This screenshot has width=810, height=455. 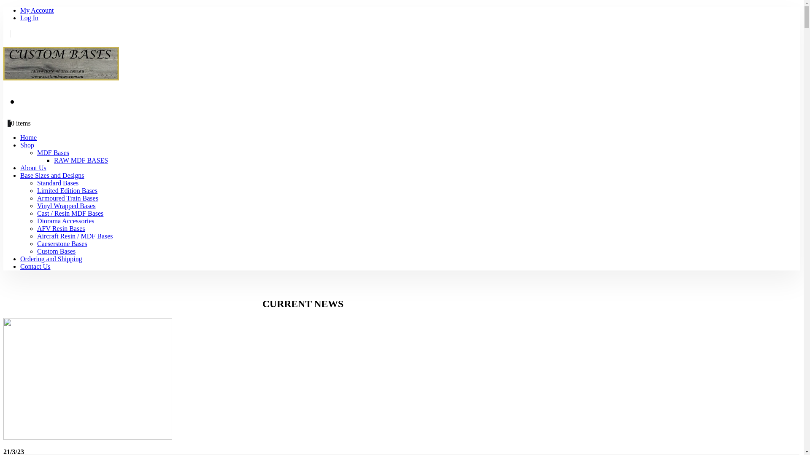 I want to click on 'Cast / Resin MDF Bases', so click(x=70, y=213).